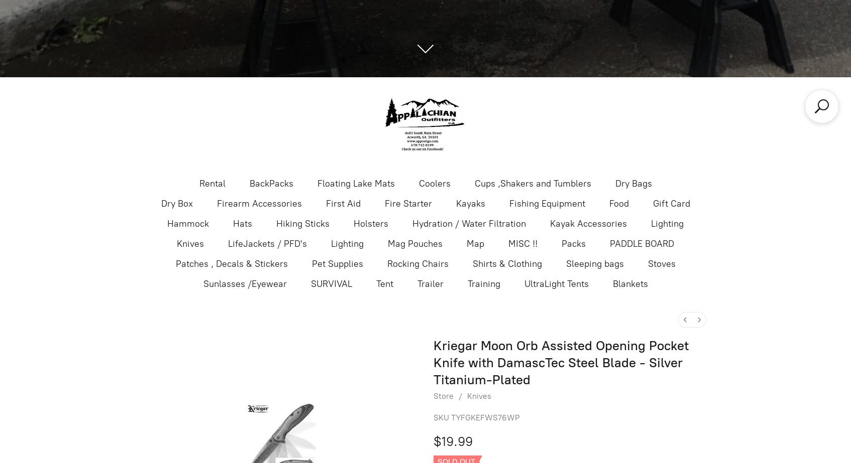 The width and height of the screenshot is (851, 463). What do you see at coordinates (556, 283) in the screenshot?
I see `'UltraLight Tents'` at bounding box center [556, 283].